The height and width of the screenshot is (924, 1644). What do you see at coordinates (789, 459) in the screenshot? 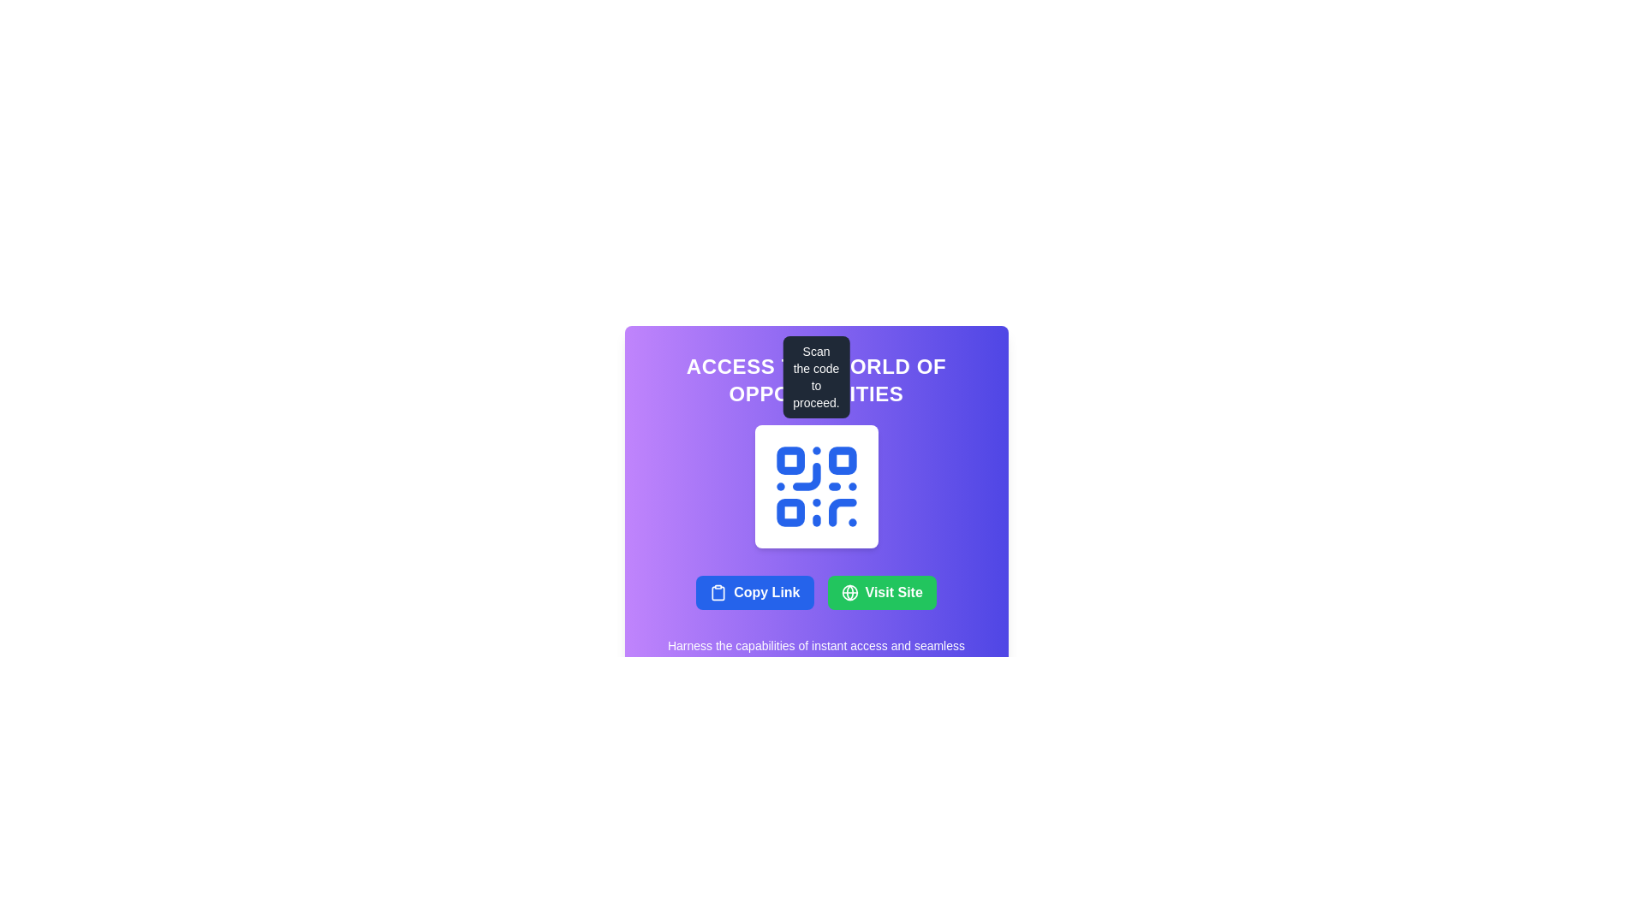
I see `the top-left square block of the QR code graphic, which is part of the scannable pattern` at bounding box center [789, 459].